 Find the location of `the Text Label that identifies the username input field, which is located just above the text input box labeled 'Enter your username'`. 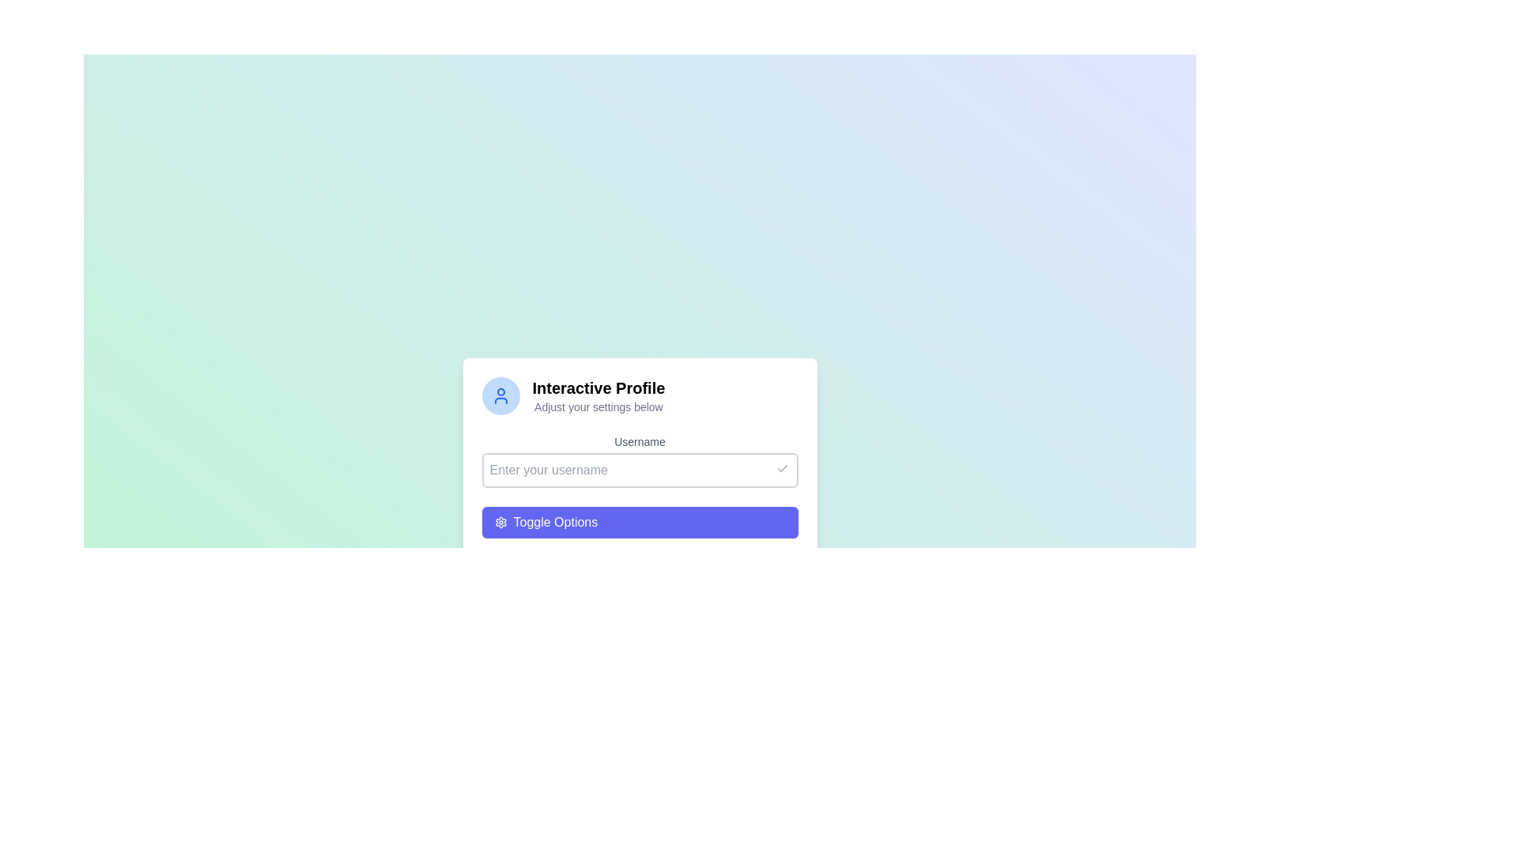

the Text Label that identifies the username input field, which is located just above the text input box labeled 'Enter your username' is located at coordinates (640, 442).